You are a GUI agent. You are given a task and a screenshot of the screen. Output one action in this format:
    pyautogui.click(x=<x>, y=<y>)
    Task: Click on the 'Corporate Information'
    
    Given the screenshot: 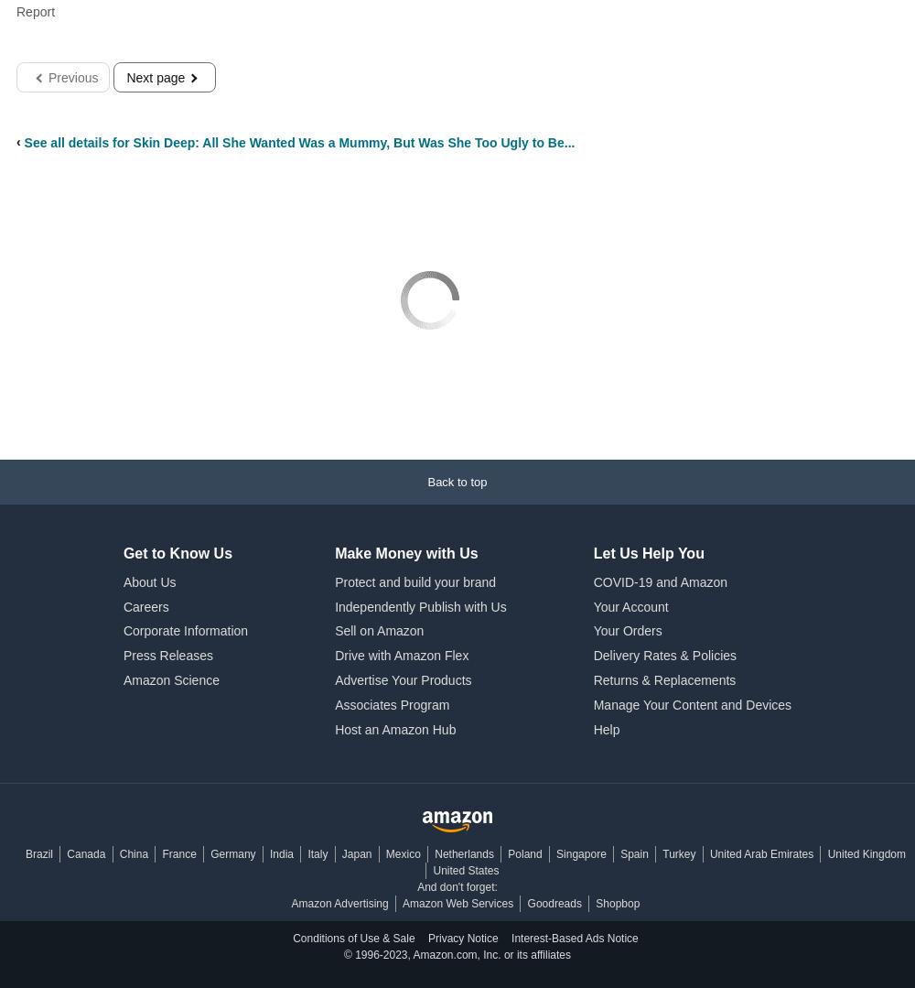 What is the action you would take?
    pyautogui.click(x=123, y=631)
    